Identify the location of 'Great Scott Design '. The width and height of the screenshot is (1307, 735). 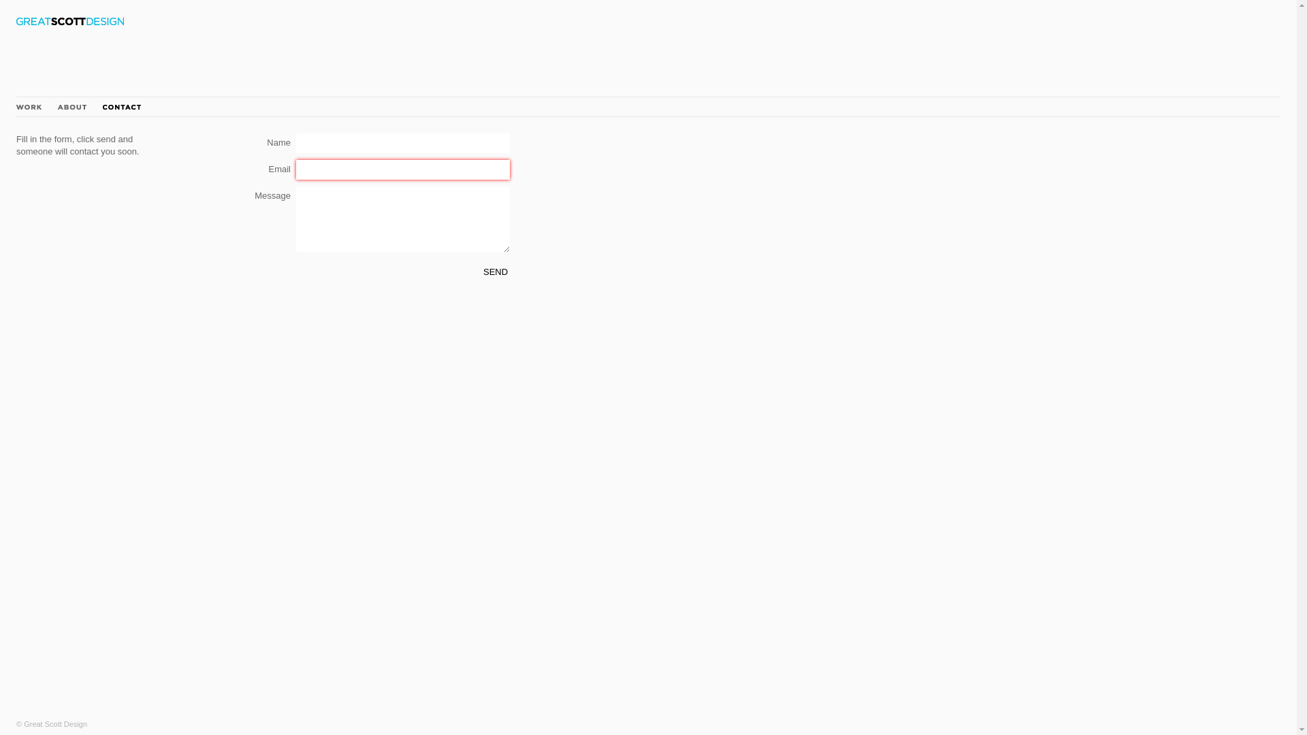
(69, 21).